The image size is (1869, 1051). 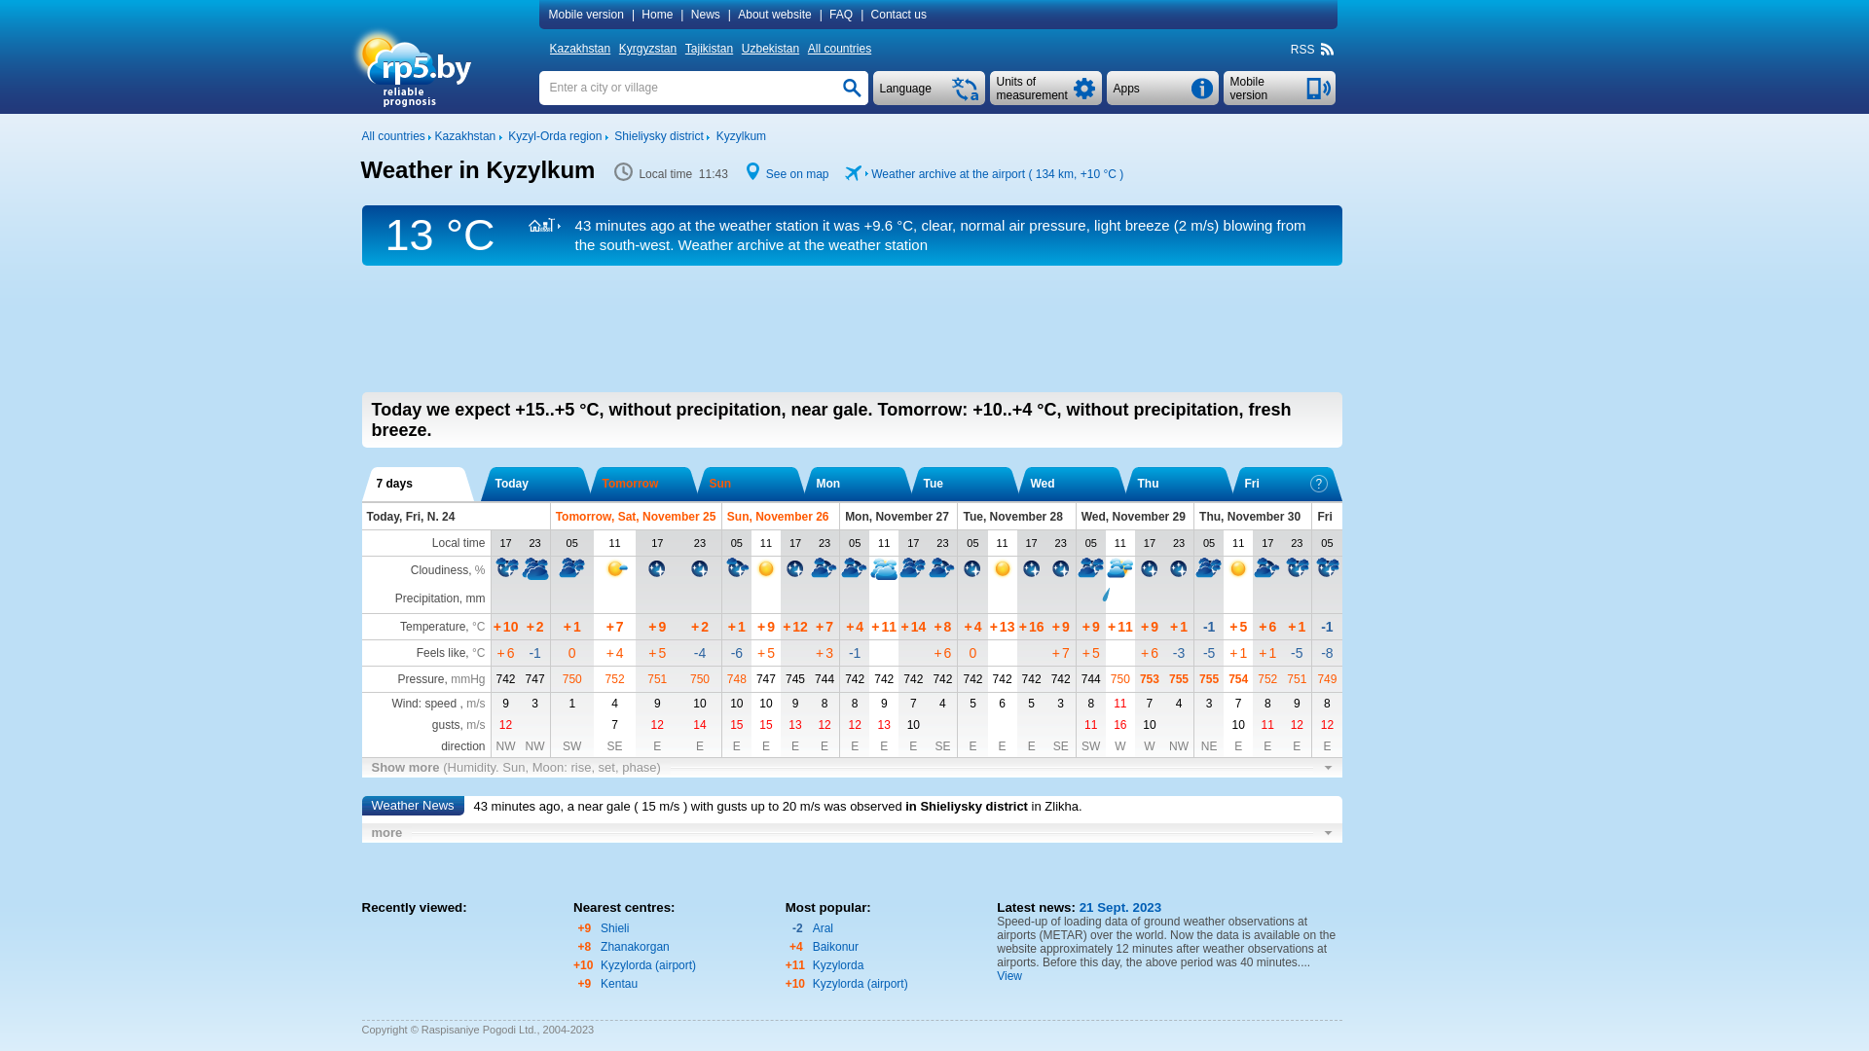 I want to click on 'FAQ', so click(x=842, y=15).